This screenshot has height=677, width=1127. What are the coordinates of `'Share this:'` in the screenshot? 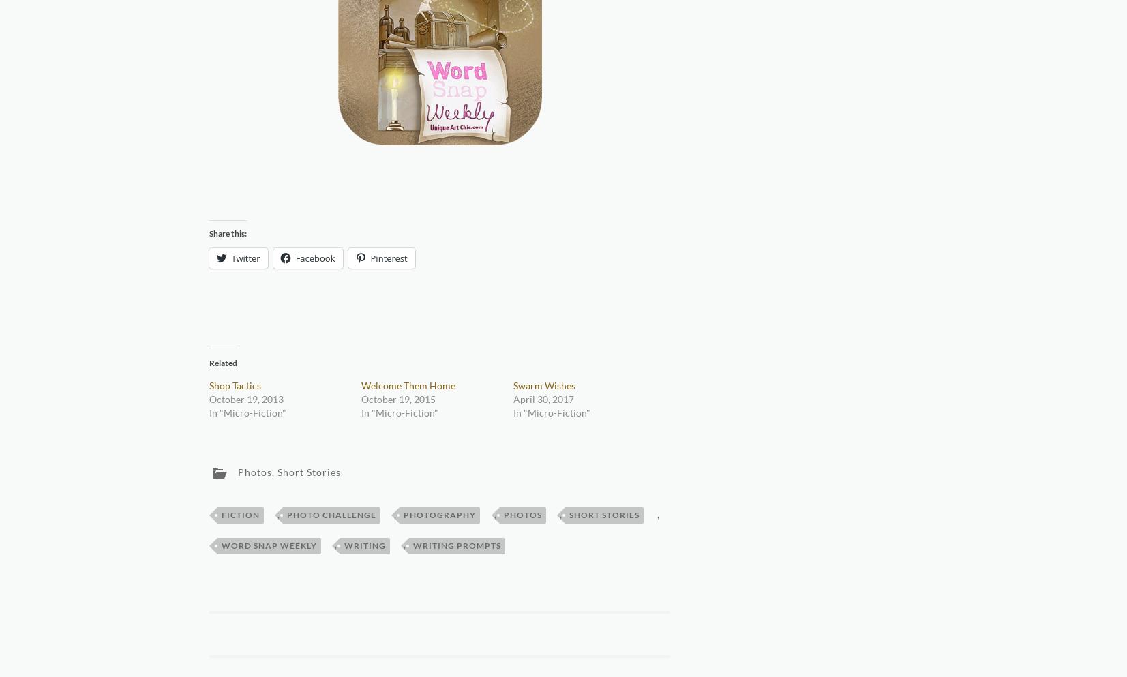 It's located at (207, 232).